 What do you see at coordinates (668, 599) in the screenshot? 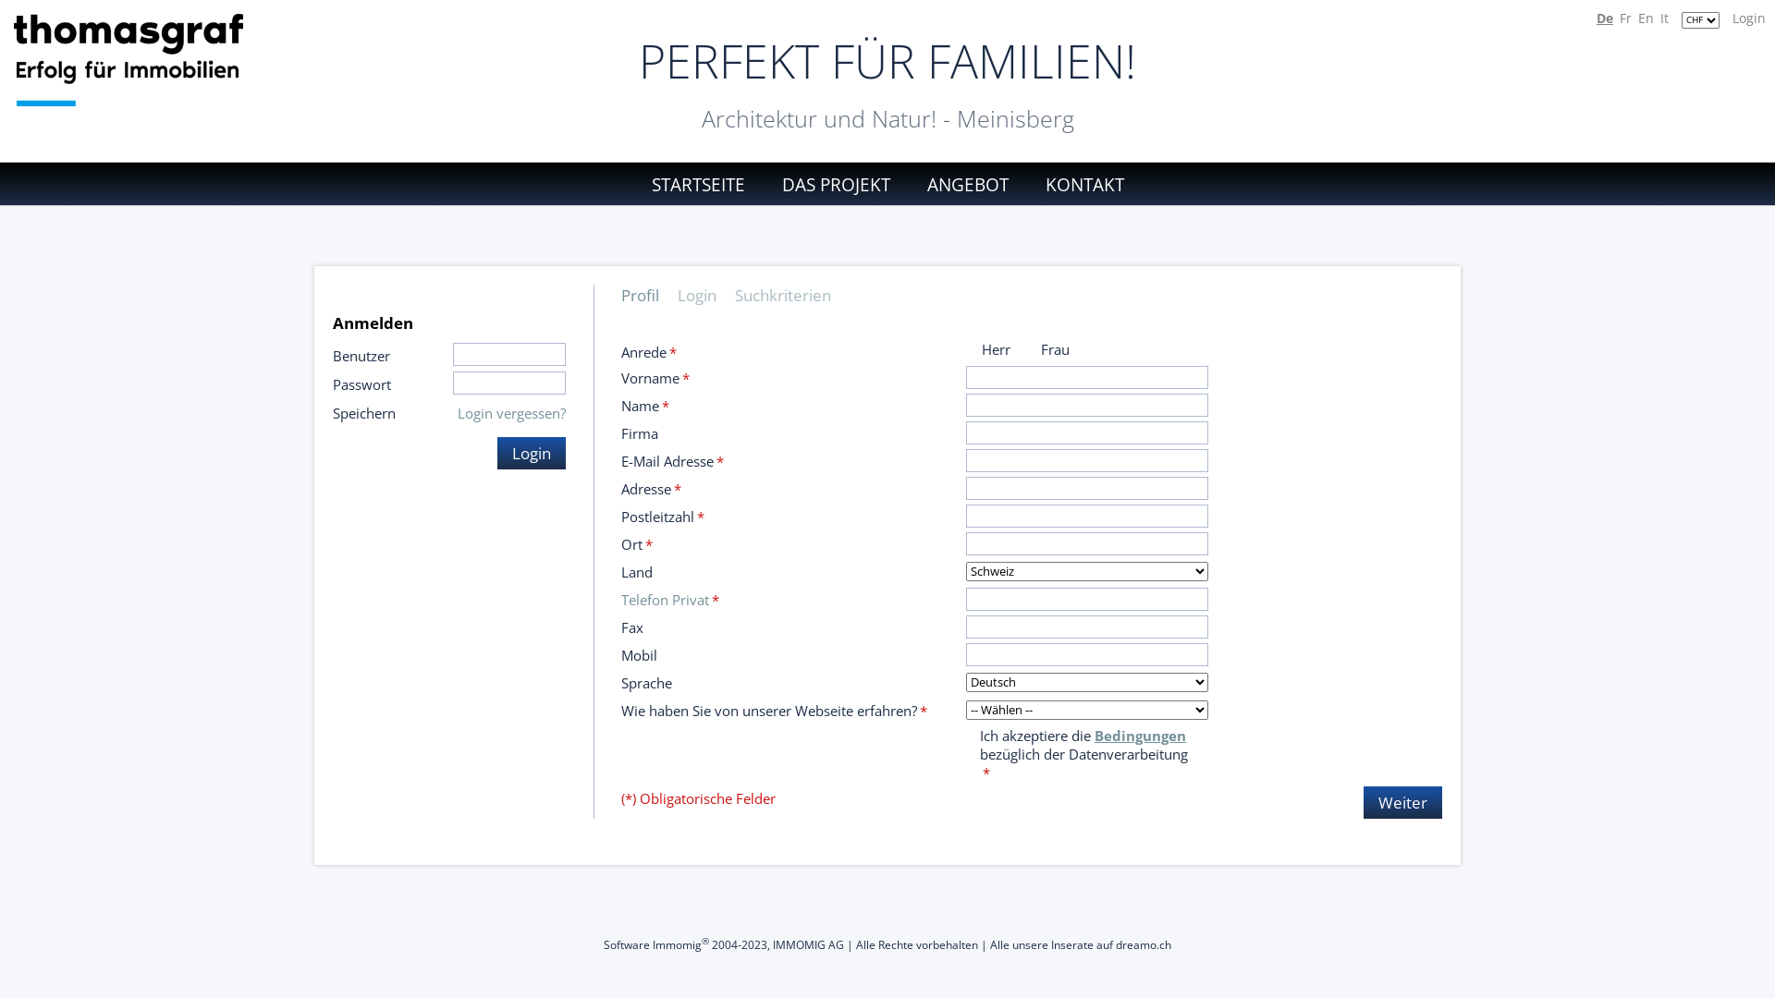
I see `'Telefon Privat*'` at bounding box center [668, 599].